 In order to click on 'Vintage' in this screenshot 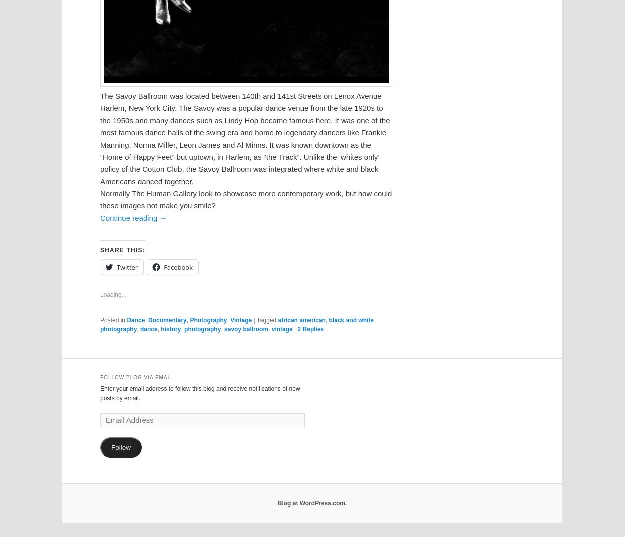, I will do `click(240, 320)`.